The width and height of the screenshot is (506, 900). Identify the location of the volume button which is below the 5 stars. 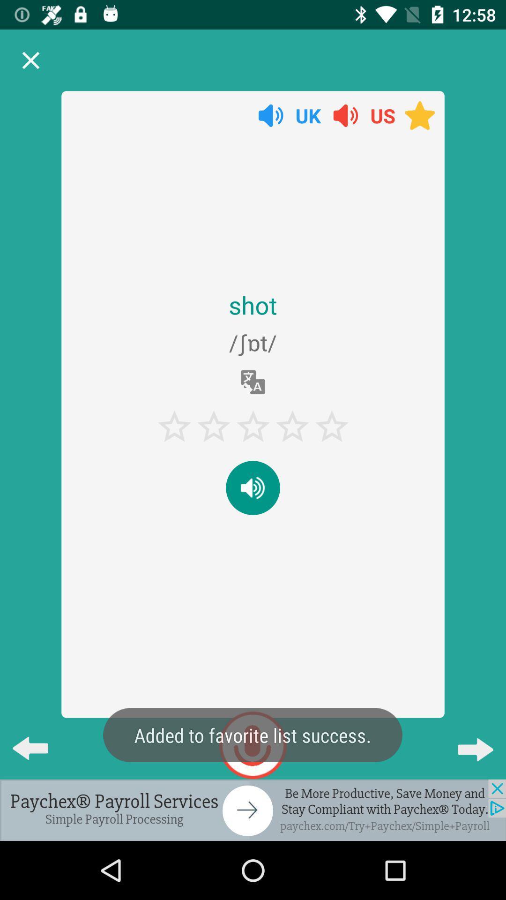
(253, 487).